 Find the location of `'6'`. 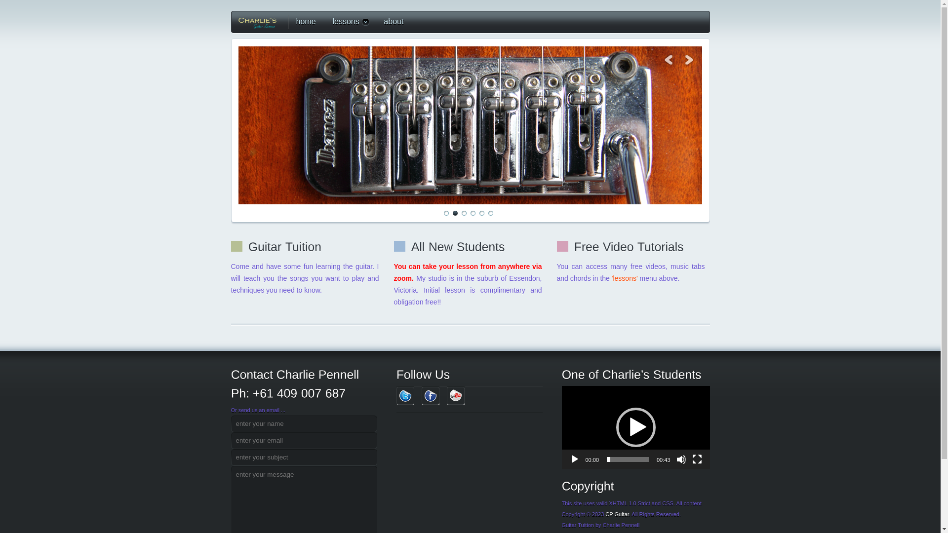

'6' is located at coordinates (490, 213).